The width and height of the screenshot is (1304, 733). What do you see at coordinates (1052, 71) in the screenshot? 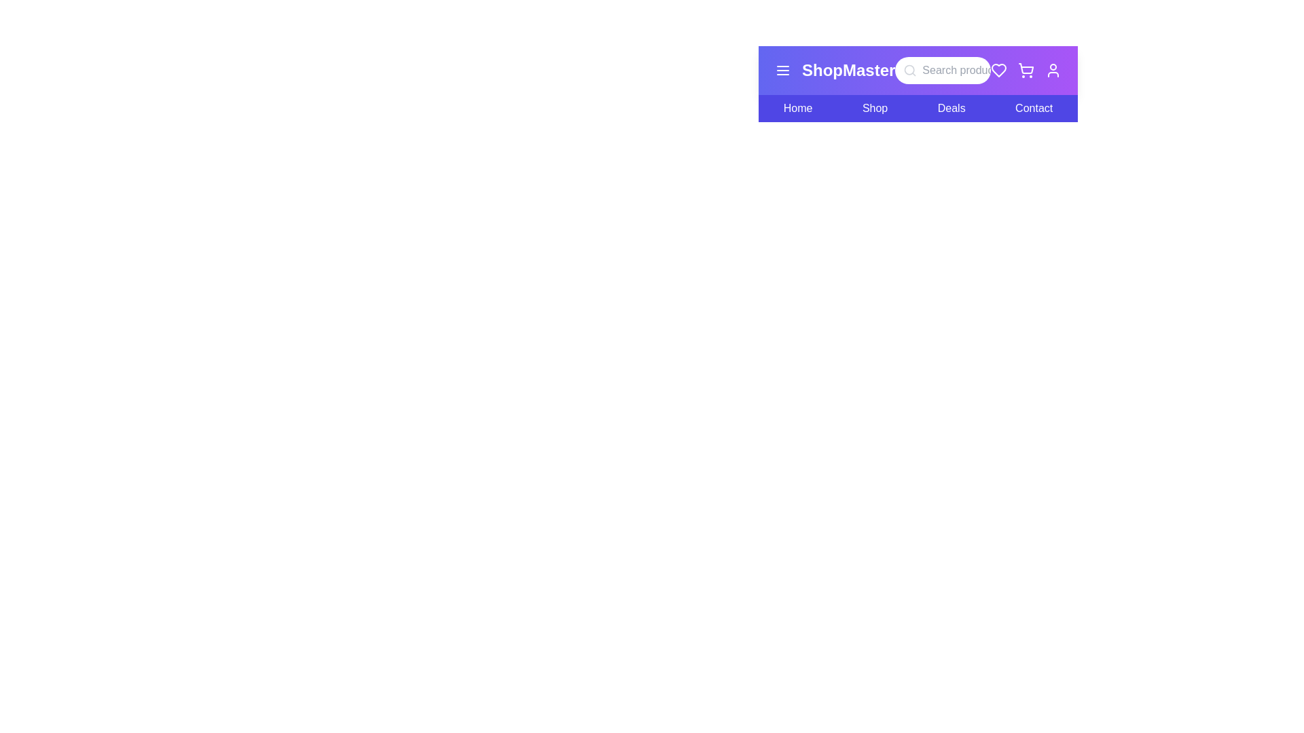
I see `the user profile icon to access user-related functionalities` at bounding box center [1052, 71].